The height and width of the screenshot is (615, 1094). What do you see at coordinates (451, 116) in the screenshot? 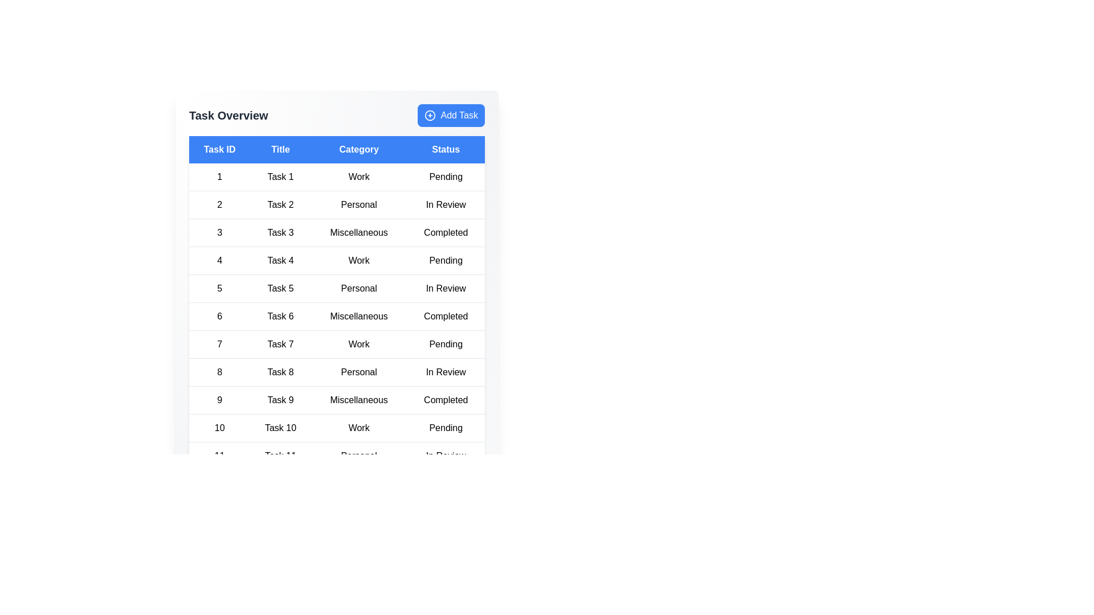
I see `the 'Add Task' button to initiate the task addition process` at bounding box center [451, 116].